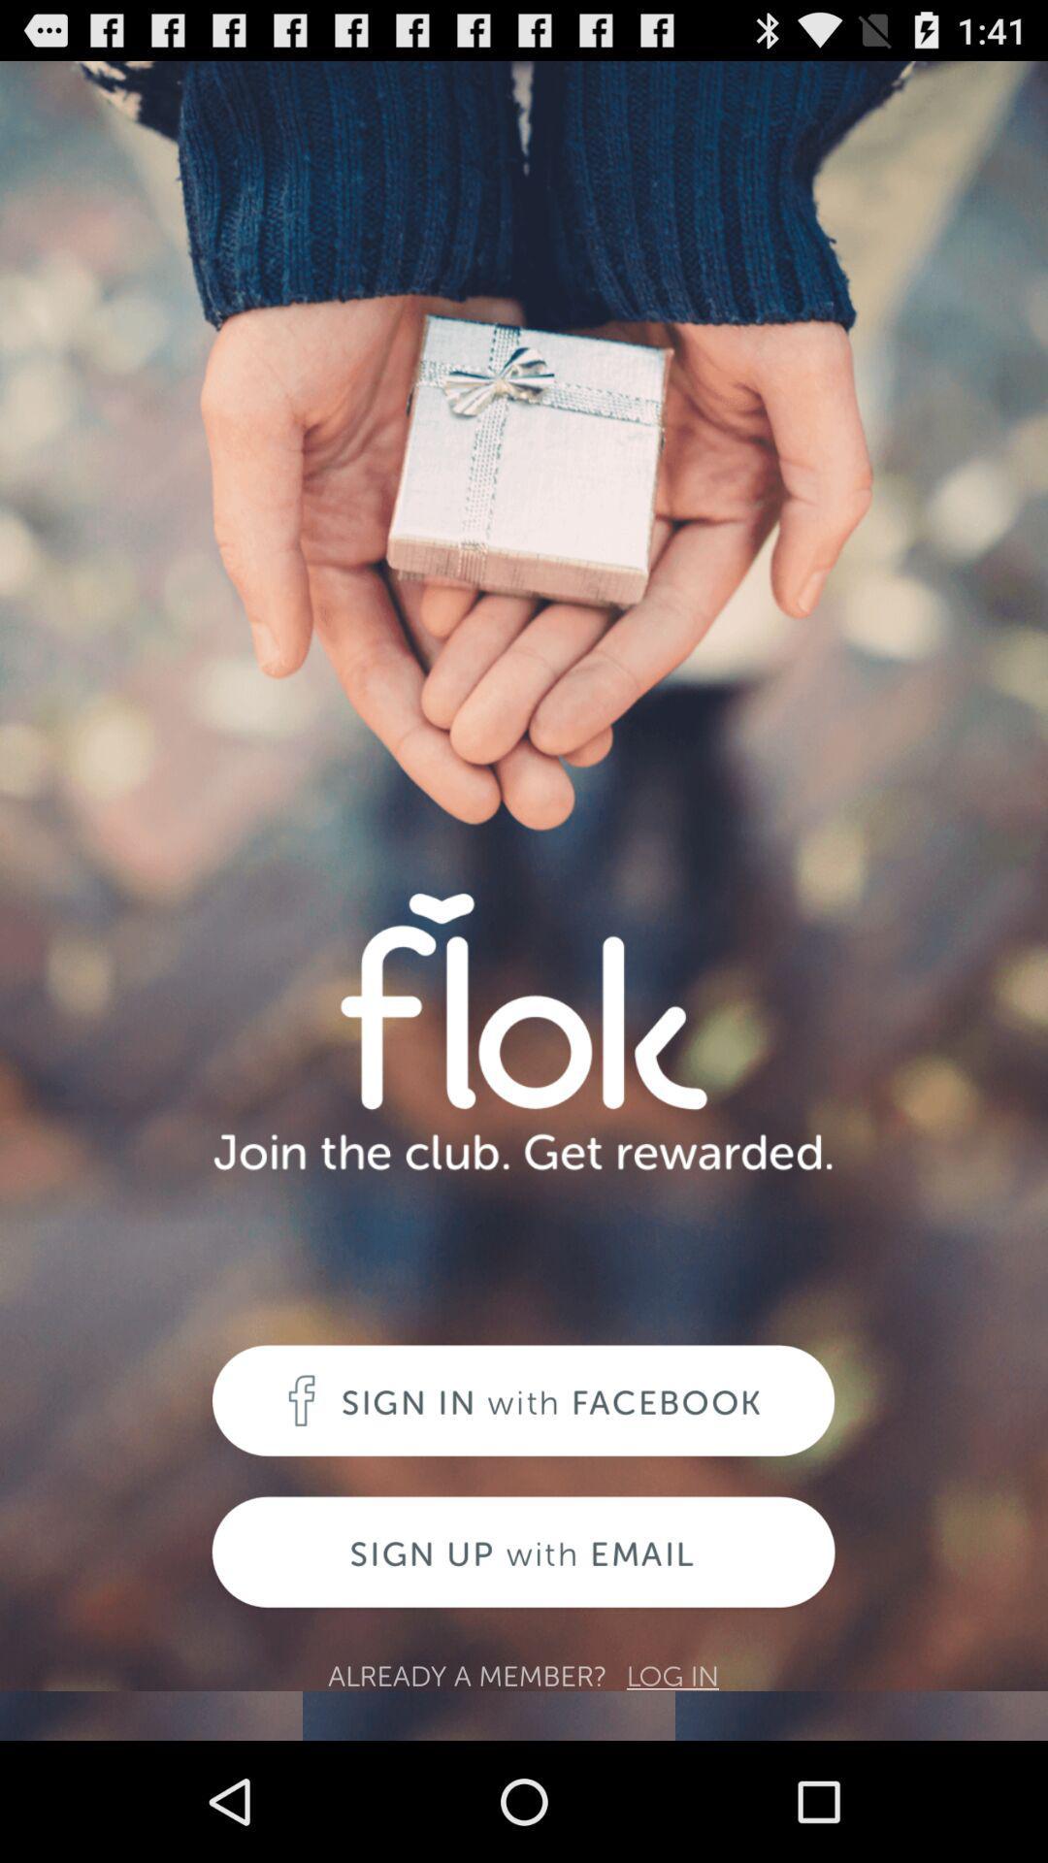 Image resolution: width=1048 pixels, height=1863 pixels. I want to click on sign up with email, so click(522, 1554).